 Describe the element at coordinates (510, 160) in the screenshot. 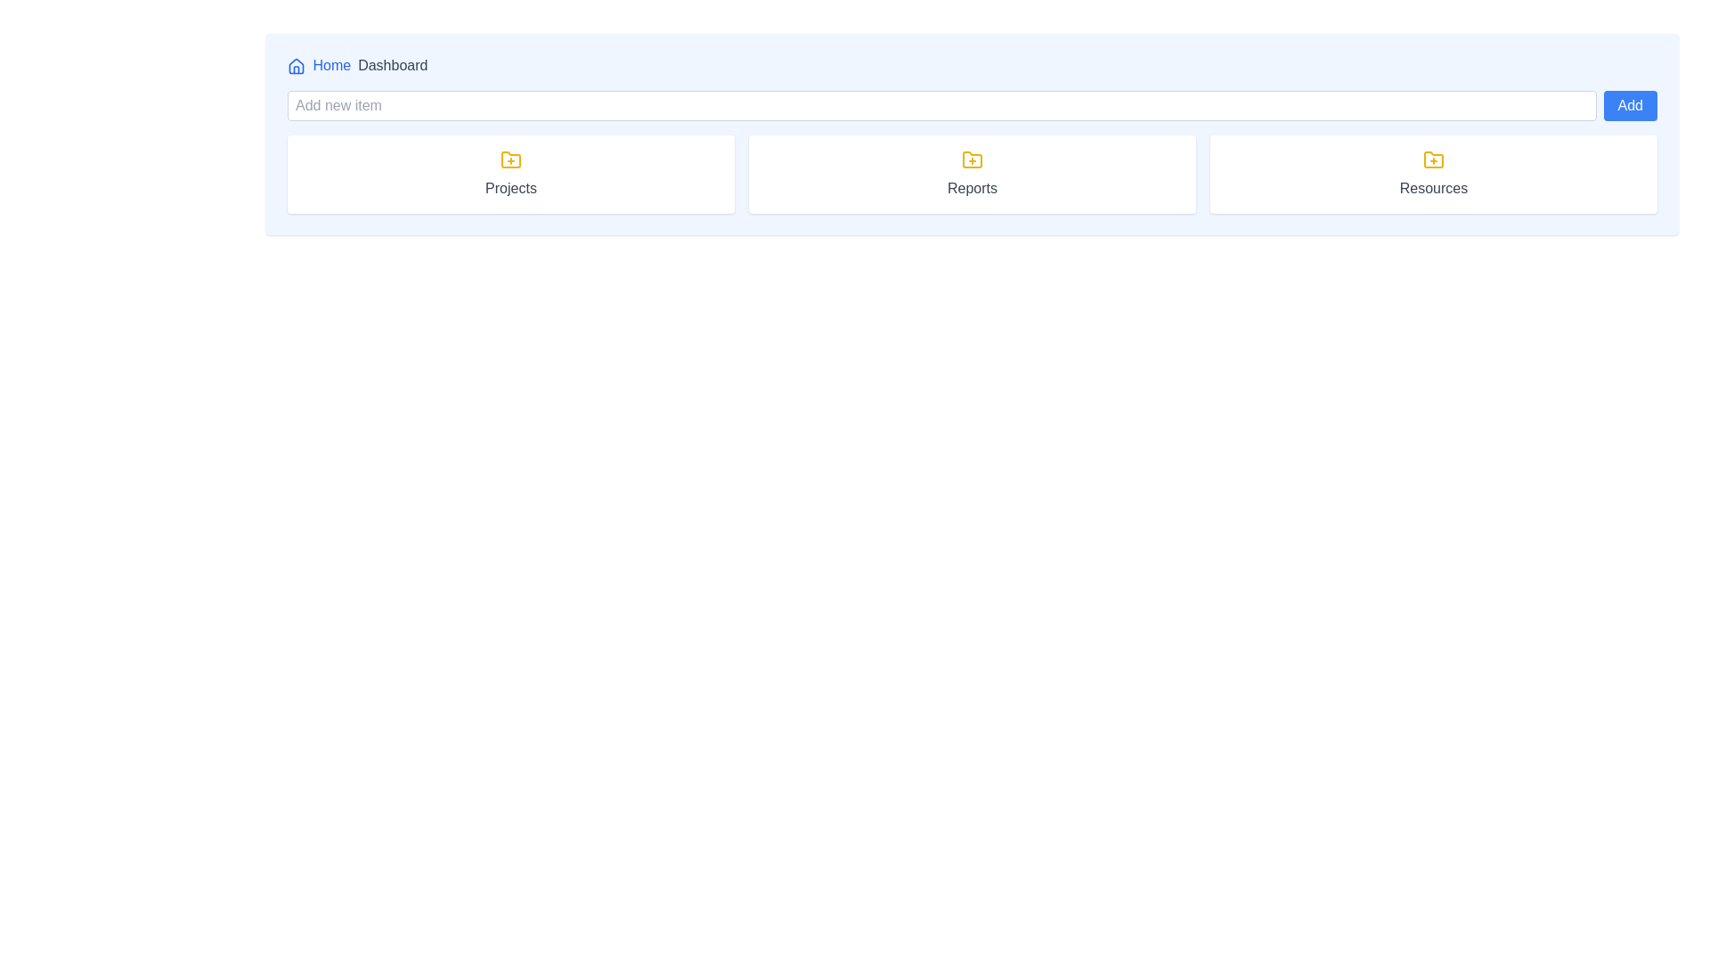

I see `the yellow folder icon with a plus symbol located above the text 'Projects' in the leftmost card` at that location.